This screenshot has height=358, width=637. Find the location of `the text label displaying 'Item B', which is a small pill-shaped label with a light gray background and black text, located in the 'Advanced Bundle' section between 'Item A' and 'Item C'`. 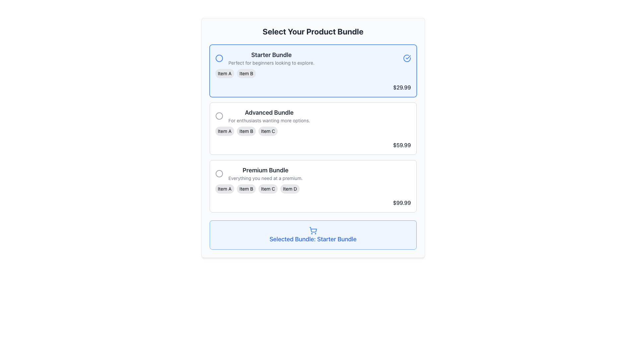

the text label displaying 'Item B', which is a small pill-shaped label with a light gray background and black text, located in the 'Advanced Bundle' section between 'Item A' and 'Item C' is located at coordinates (246, 131).